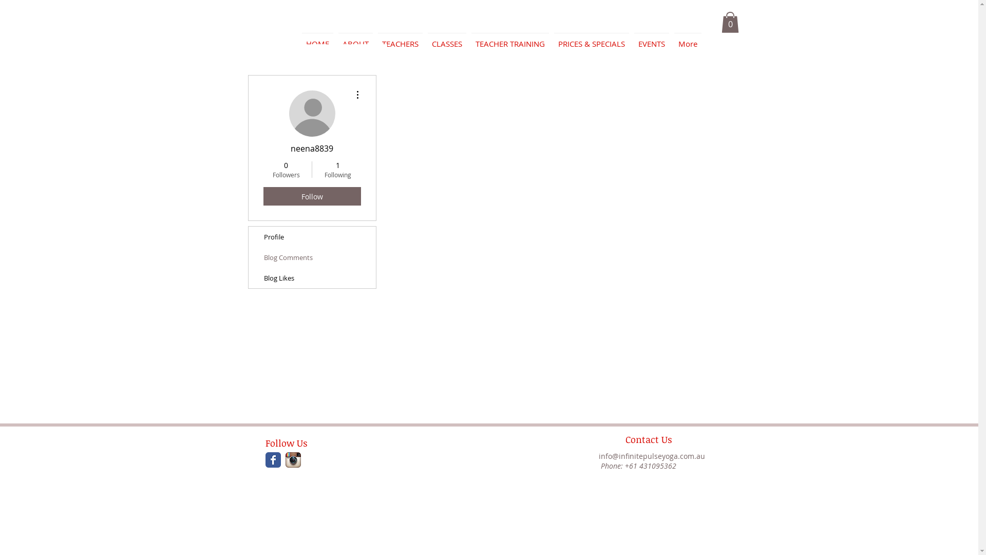 The image size is (986, 555). I want to click on 'ABOUT', so click(355, 39).